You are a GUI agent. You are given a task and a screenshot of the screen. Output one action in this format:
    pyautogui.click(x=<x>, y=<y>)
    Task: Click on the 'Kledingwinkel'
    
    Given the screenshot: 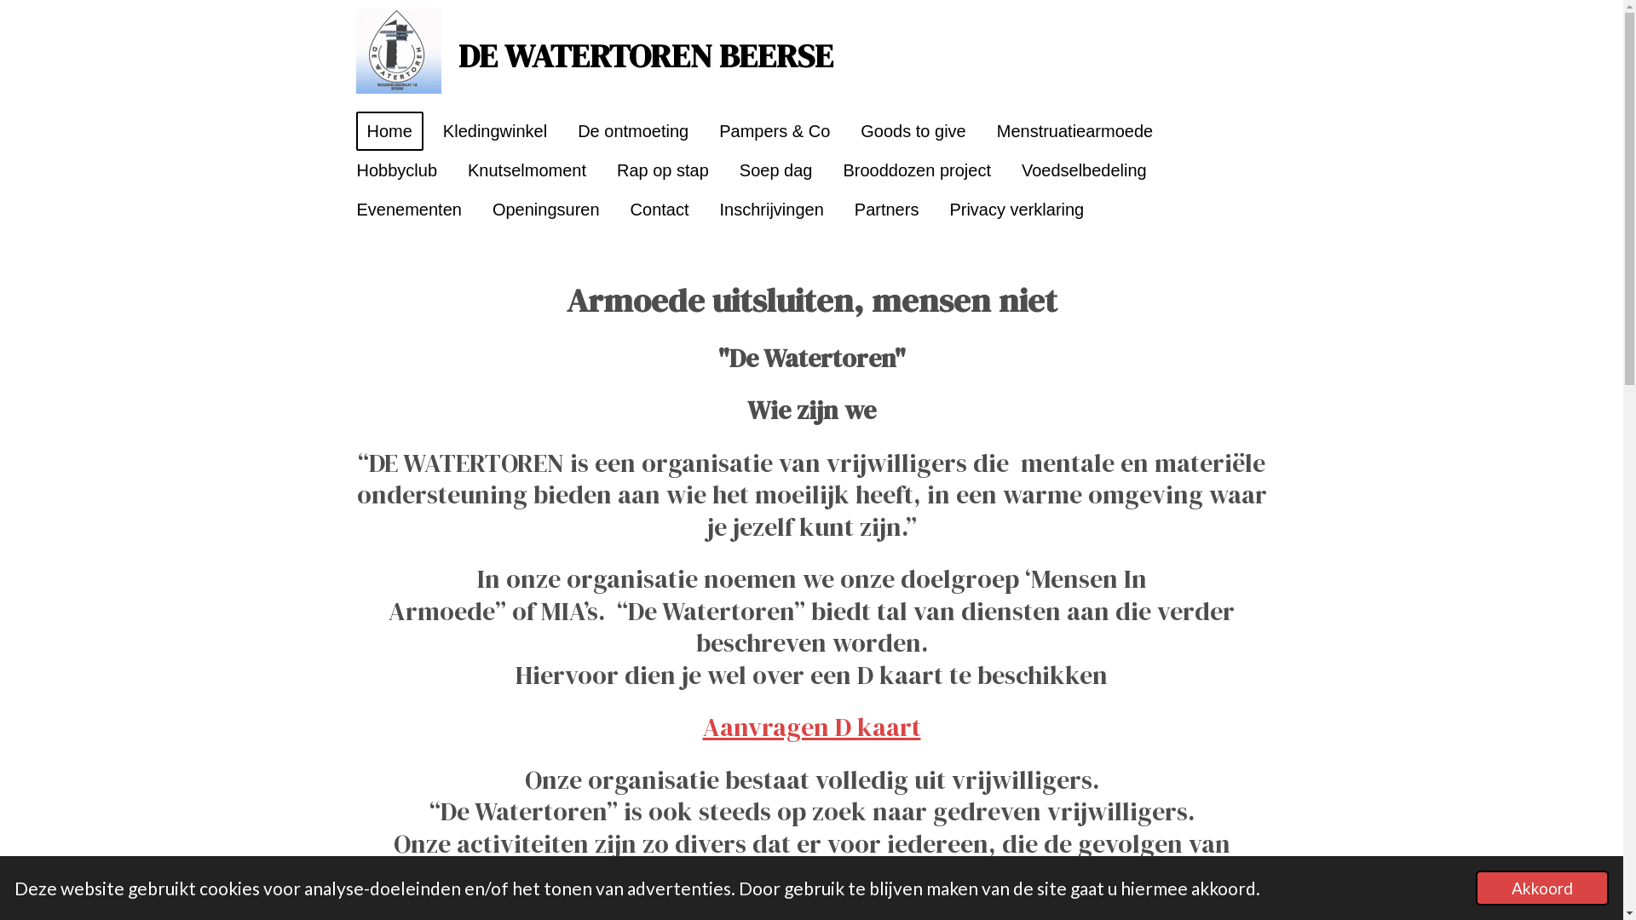 What is the action you would take?
    pyautogui.click(x=493, y=130)
    